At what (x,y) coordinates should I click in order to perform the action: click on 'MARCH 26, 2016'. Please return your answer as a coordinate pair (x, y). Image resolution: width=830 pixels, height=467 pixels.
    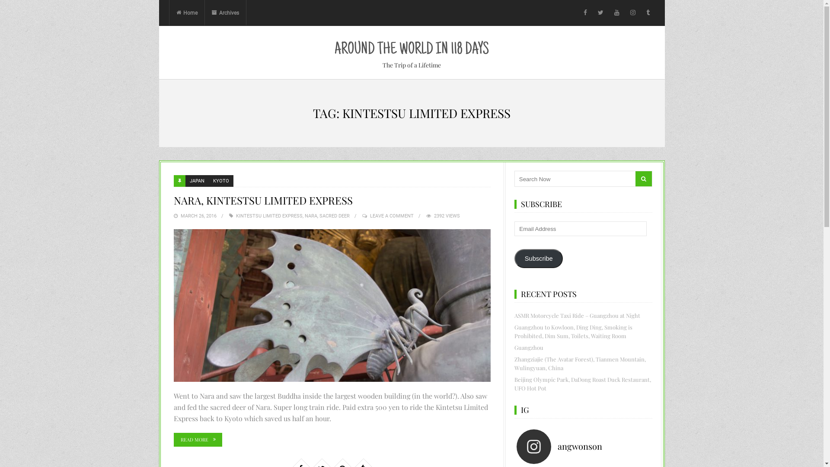
    Looking at the image, I should click on (198, 215).